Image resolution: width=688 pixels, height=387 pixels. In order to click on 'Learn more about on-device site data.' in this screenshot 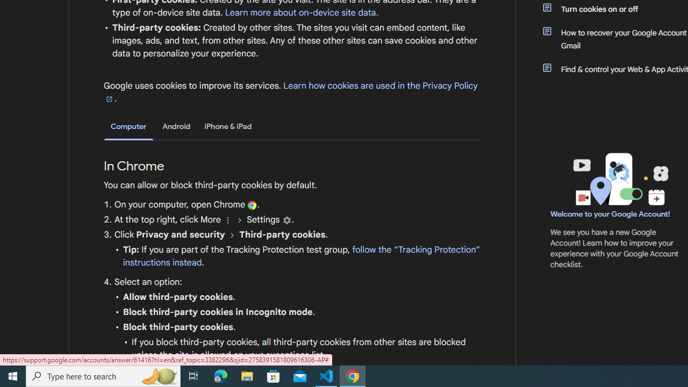, I will do `click(301, 12)`.